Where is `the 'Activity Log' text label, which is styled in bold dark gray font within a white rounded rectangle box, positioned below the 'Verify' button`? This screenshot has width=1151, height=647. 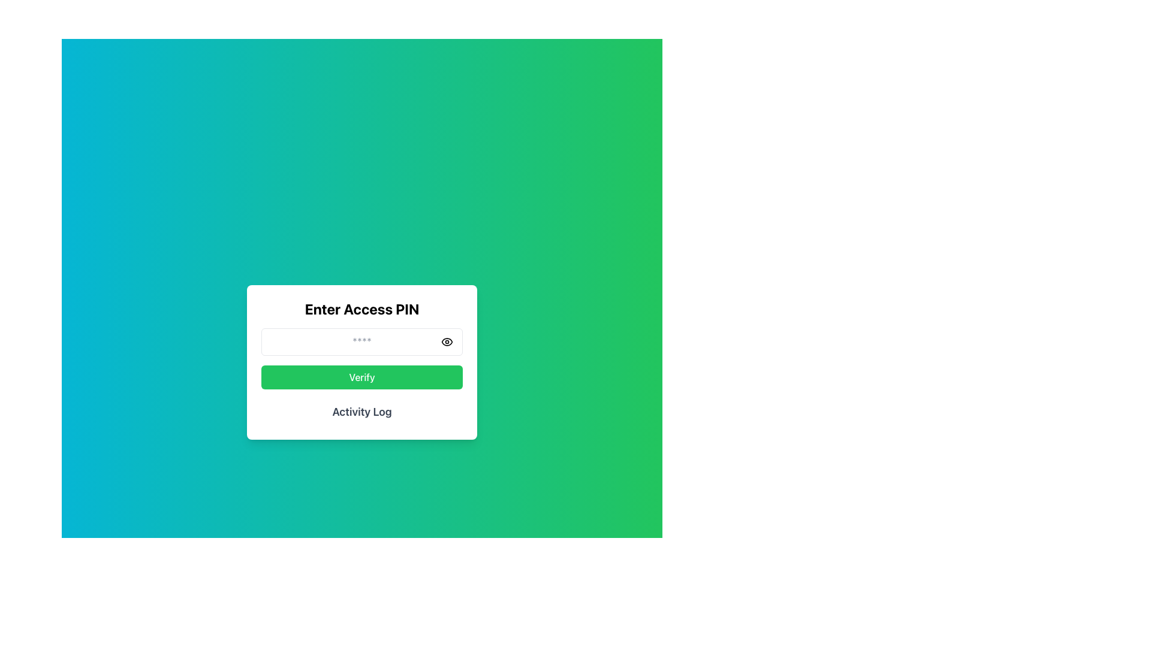
the 'Activity Log' text label, which is styled in bold dark gray font within a white rounded rectangle box, positioned below the 'Verify' button is located at coordinates (361, 411).